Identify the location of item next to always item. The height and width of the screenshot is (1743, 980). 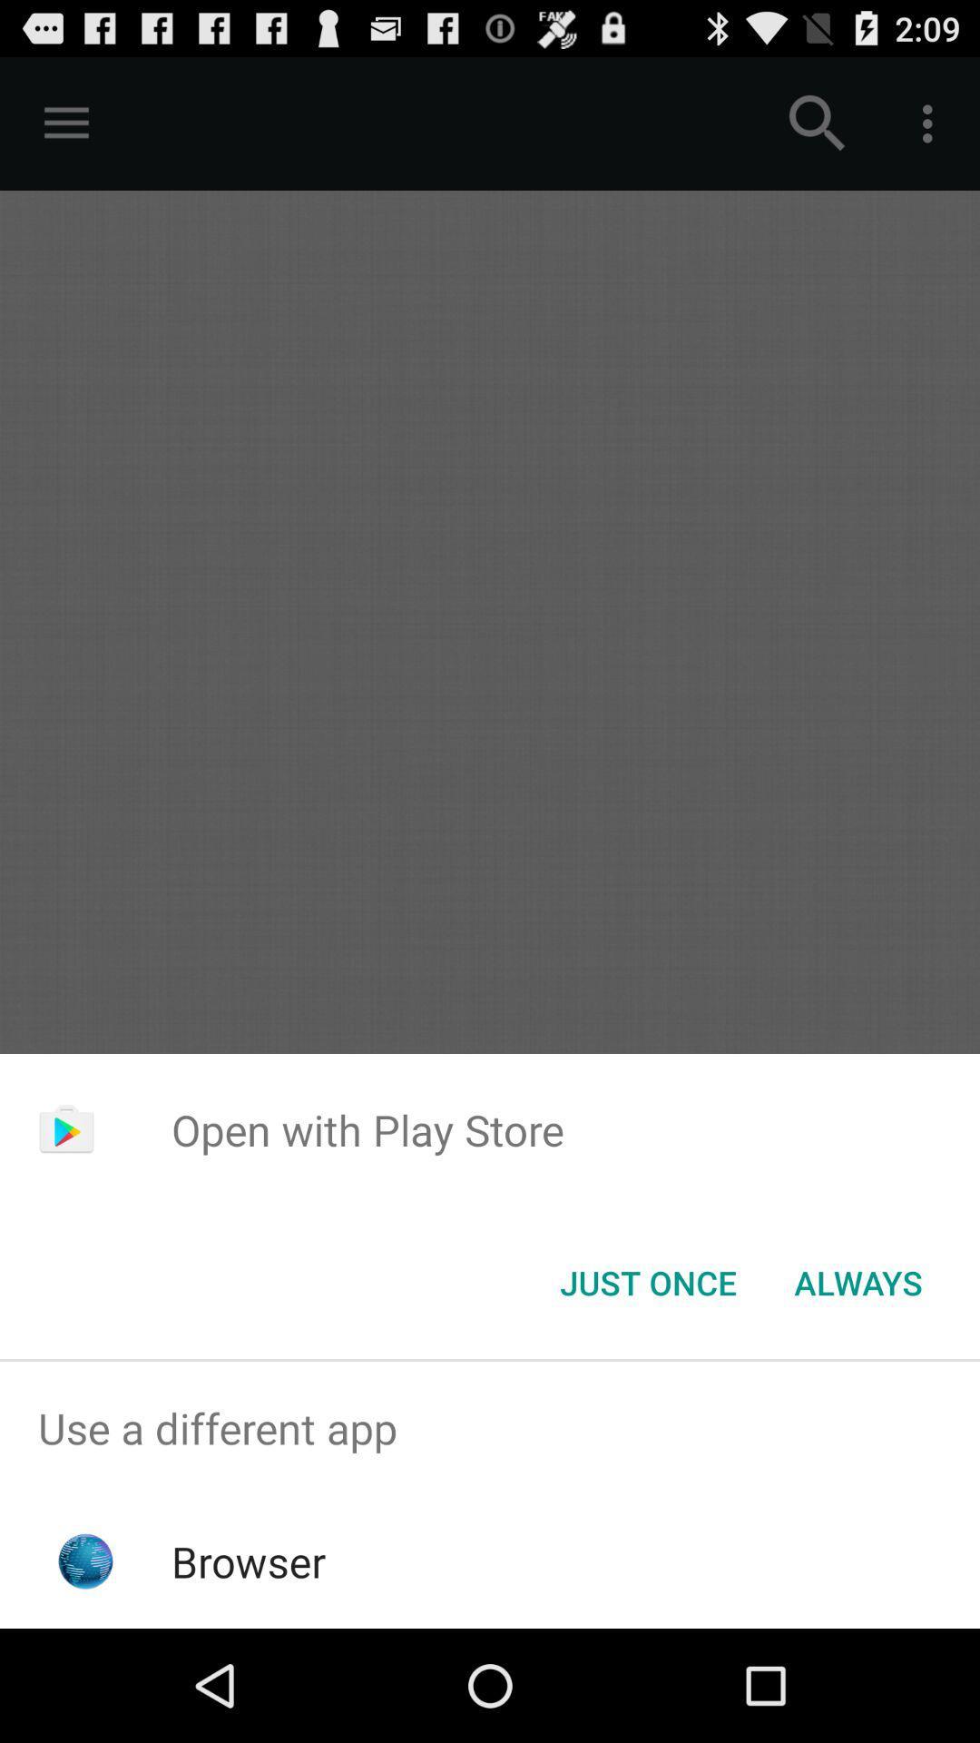
(647, 1281).